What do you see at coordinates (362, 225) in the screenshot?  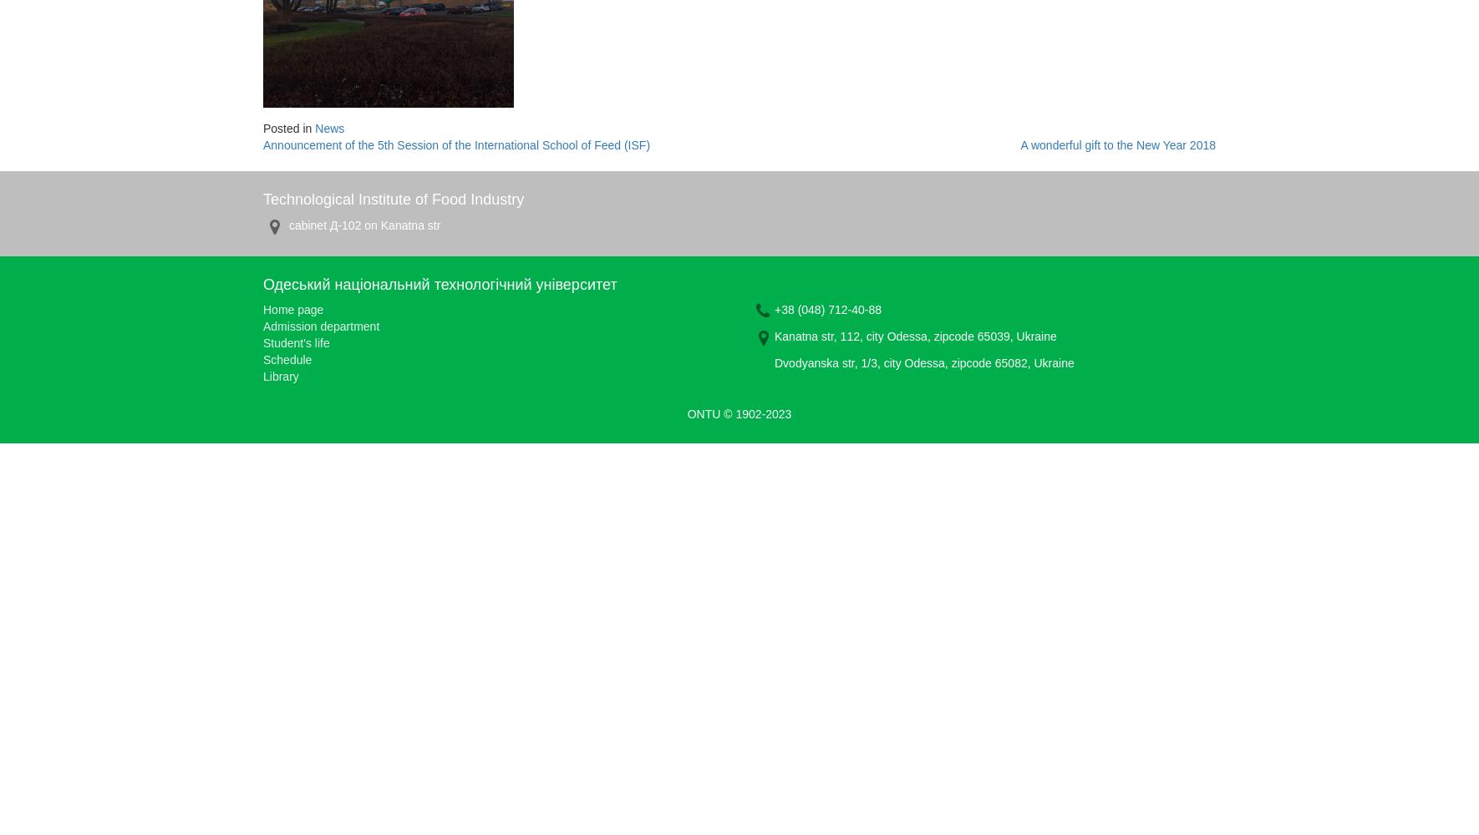 I see `'cabinet Д-102 on Kanatna str'` at bounding box center [362, 225].